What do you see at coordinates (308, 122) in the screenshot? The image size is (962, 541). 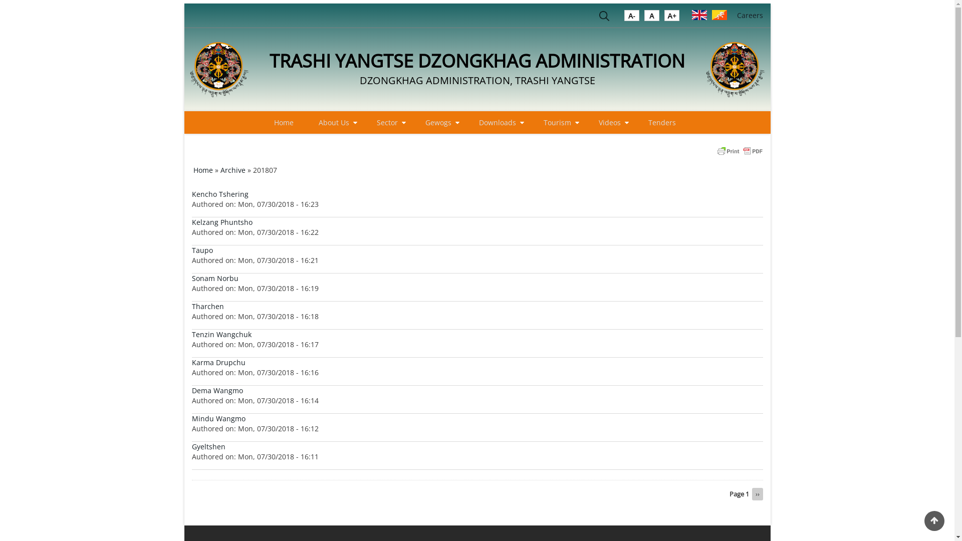 I see `'About Us'` at bounding box center [308, 122].